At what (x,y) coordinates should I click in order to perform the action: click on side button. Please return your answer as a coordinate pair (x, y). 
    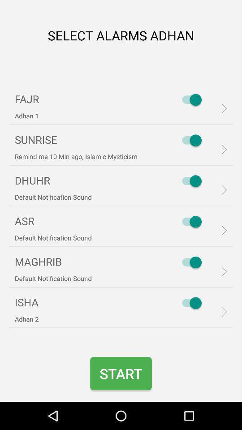
    Looking at the image, I should click on (189, 140).